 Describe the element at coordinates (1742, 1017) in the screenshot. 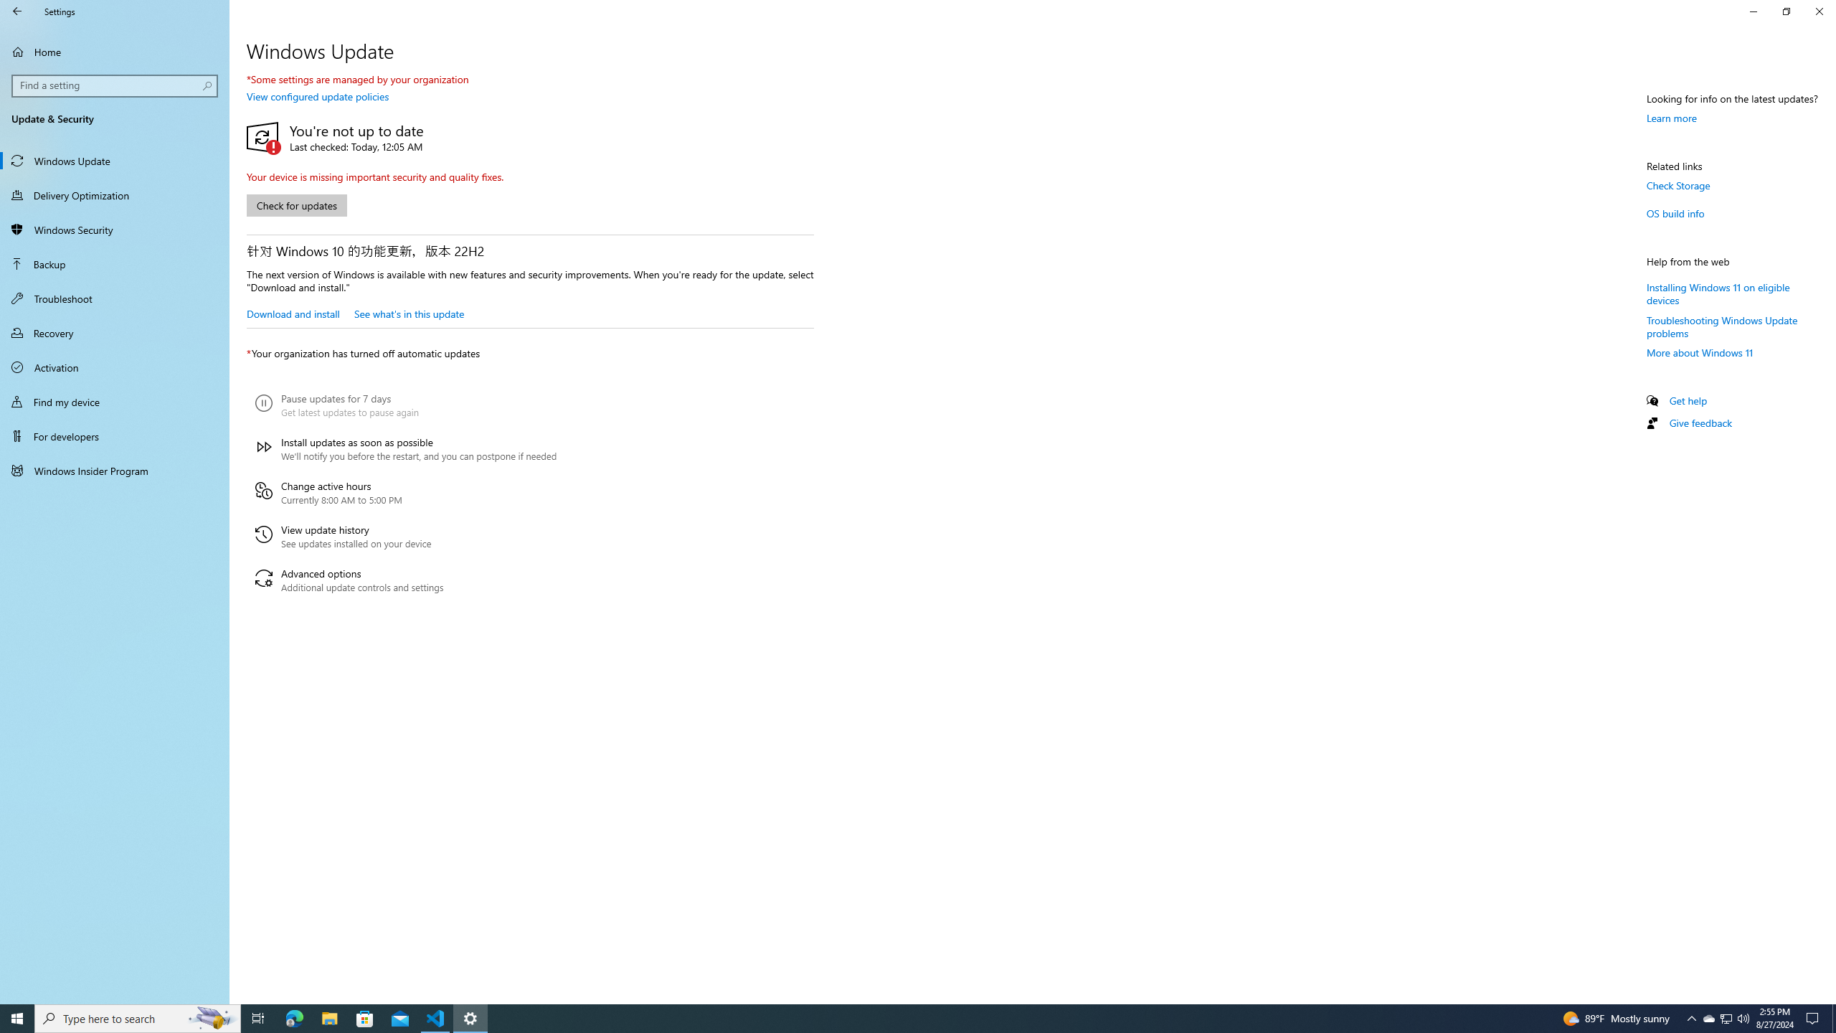

I see `'Q2790: 100%'` at that location.